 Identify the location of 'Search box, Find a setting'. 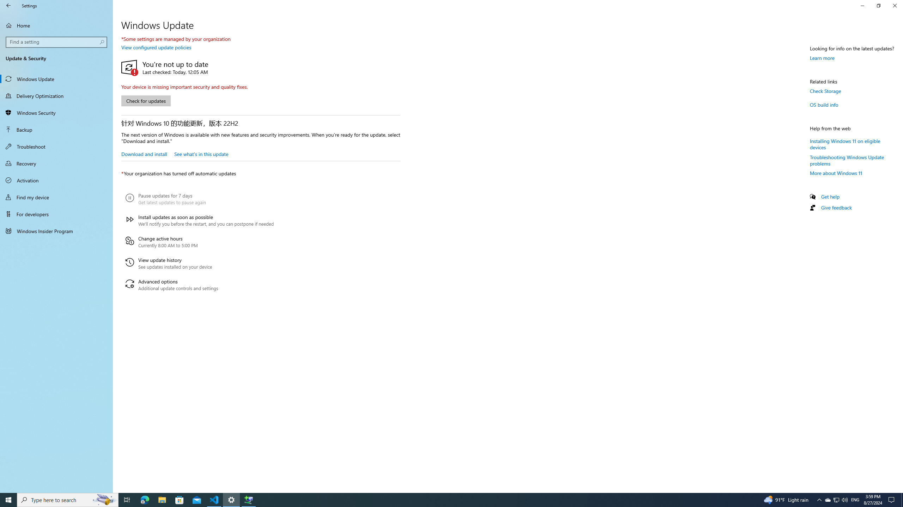
(56, 42).